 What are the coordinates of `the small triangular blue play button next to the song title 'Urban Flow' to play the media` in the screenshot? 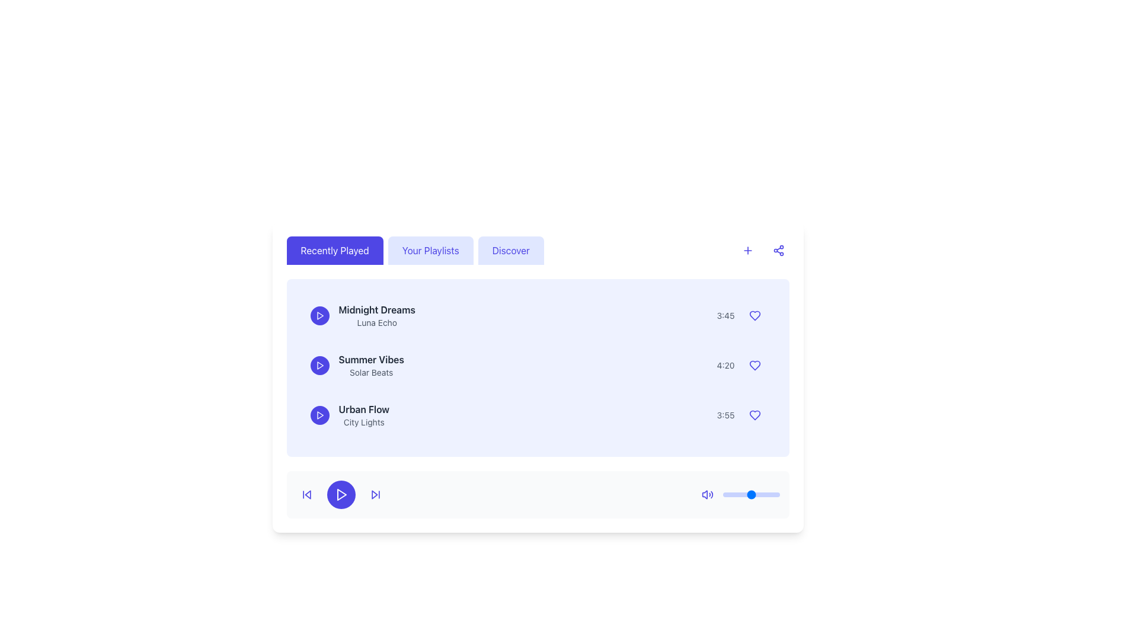 It's located at (320, 415).